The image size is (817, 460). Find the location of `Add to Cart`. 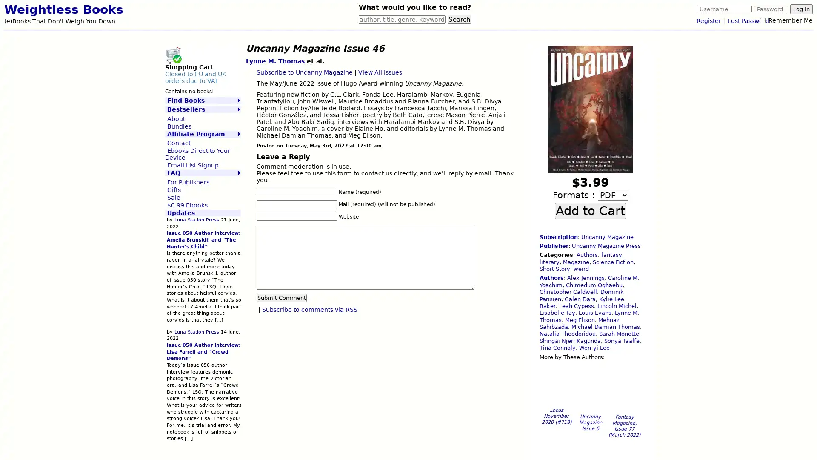

Add to Cart is located at coordinates (590, 210).